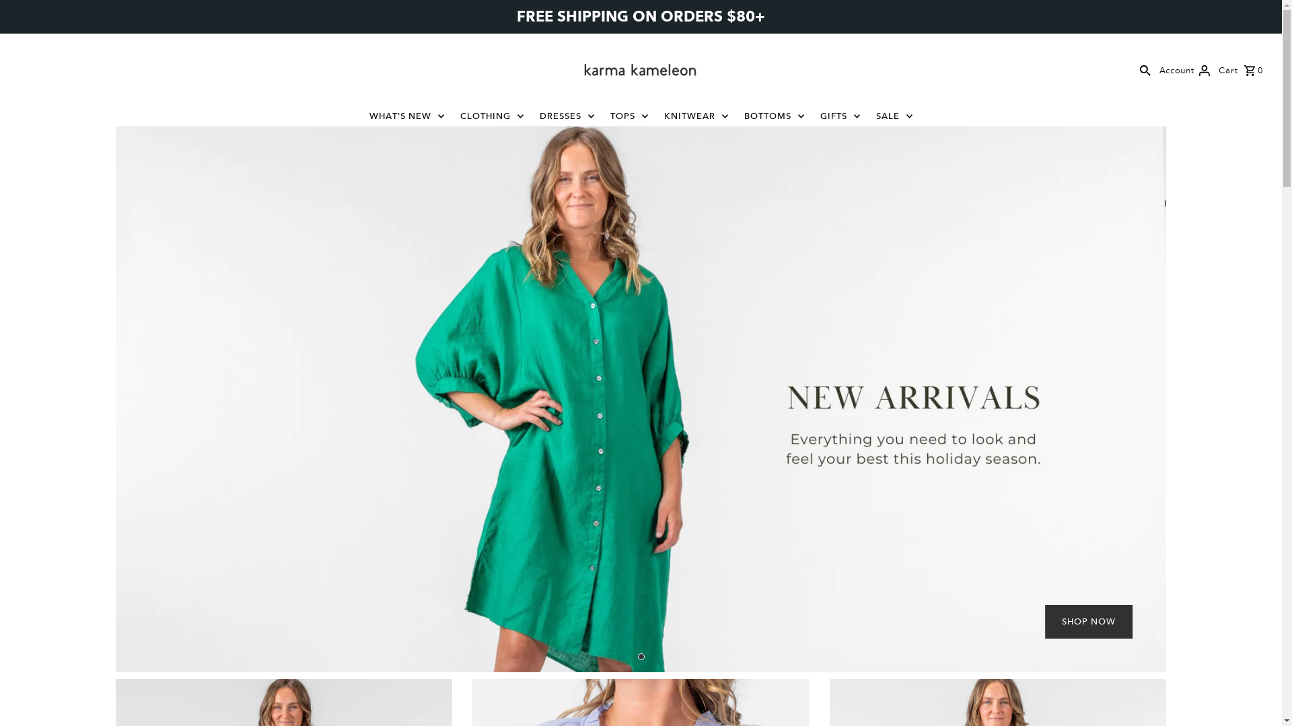 Image resolution: width=1292 pixels, height=726 pixels. What do you see at coordinates (775, 116) in the screenshot?
I see `'BOTTOMS'` at bounding box center [775, 116].